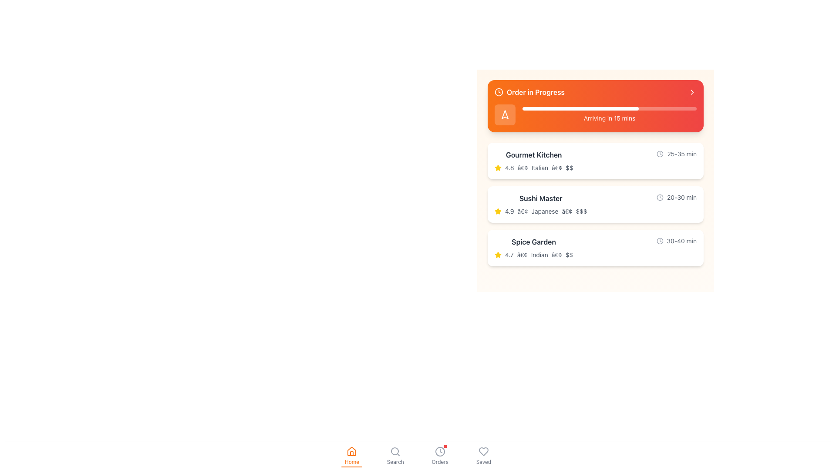 The height and width of the screenshot is (470, 836). What do you see at coordinates (539, 168) in the screenshot?
I see `the Text label that specifies the cuisine type of the restaurant ('Italian') for 'Gourmet Kitchen', located after the rating score (4.8) and before the price category ($$)` at bounding box center [539, 168].